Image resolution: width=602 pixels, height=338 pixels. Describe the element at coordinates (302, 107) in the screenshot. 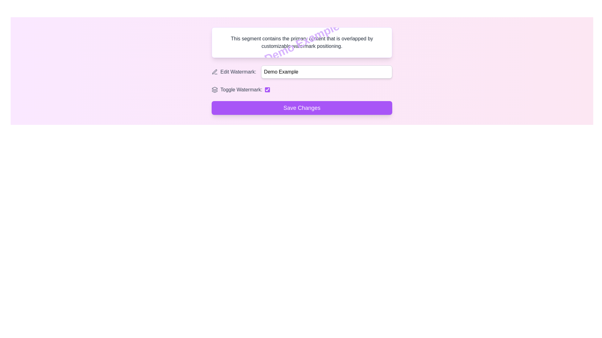

I see `the rectangular button with a purple background and white text reading 'Save Changes'` at that location.